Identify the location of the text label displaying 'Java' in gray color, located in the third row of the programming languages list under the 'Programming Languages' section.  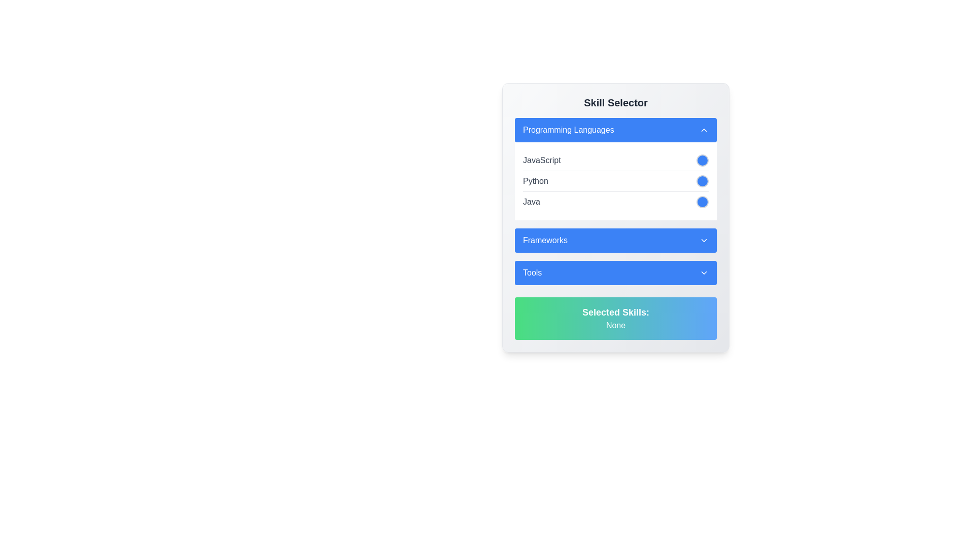
(531, 202).